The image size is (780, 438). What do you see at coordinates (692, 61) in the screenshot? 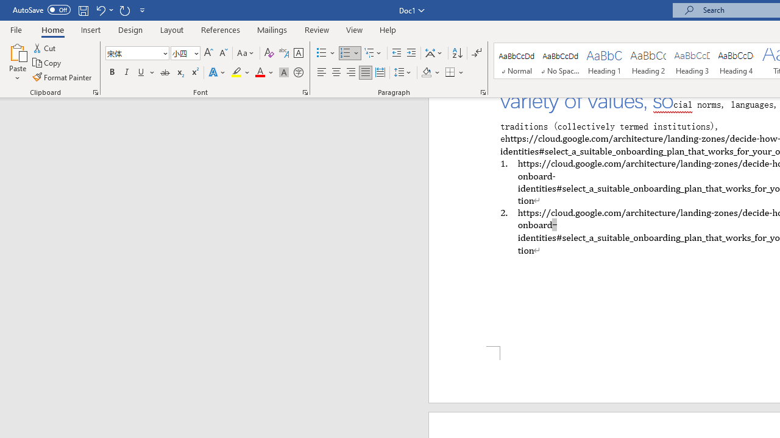
I see `'Heading 3'` at bounding box center [692, 61].